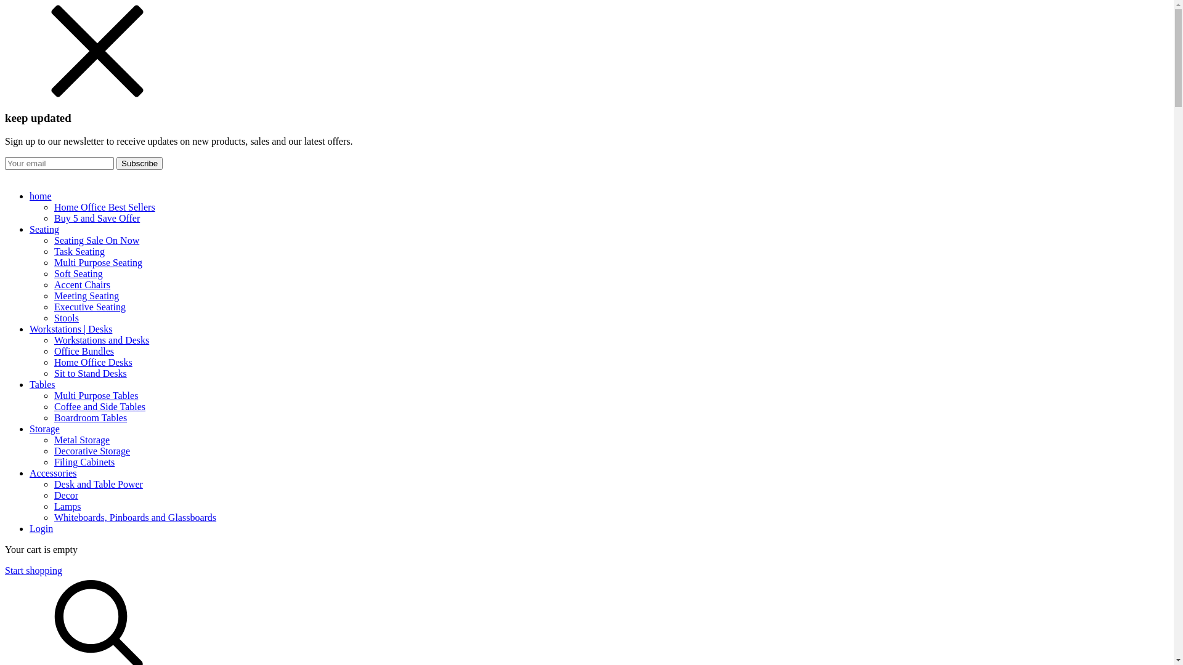  I want to click on 'Filing Cabinets', so click(84, 462).